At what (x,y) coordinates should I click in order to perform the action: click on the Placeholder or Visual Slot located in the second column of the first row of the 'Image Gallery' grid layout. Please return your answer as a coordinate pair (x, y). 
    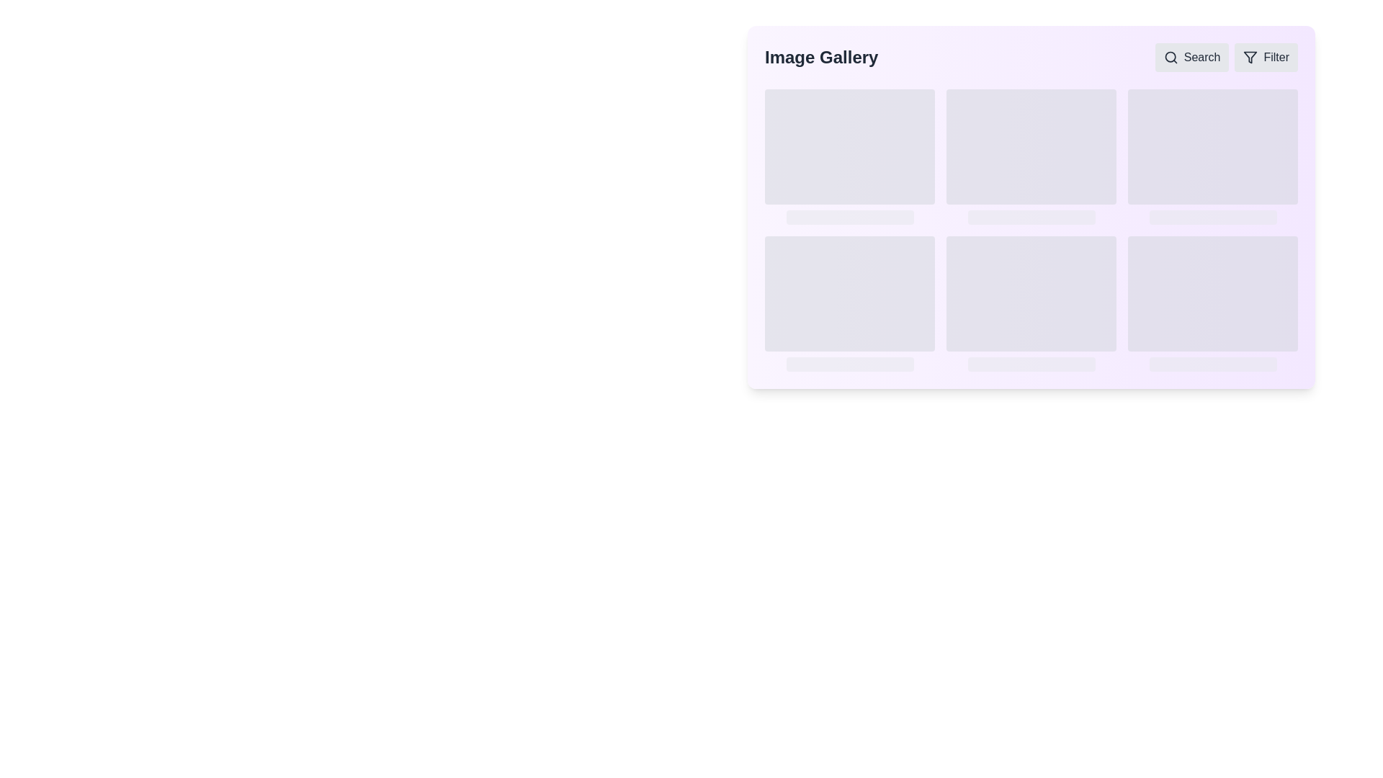
    Looking at the image, I should click on (1030, 147).